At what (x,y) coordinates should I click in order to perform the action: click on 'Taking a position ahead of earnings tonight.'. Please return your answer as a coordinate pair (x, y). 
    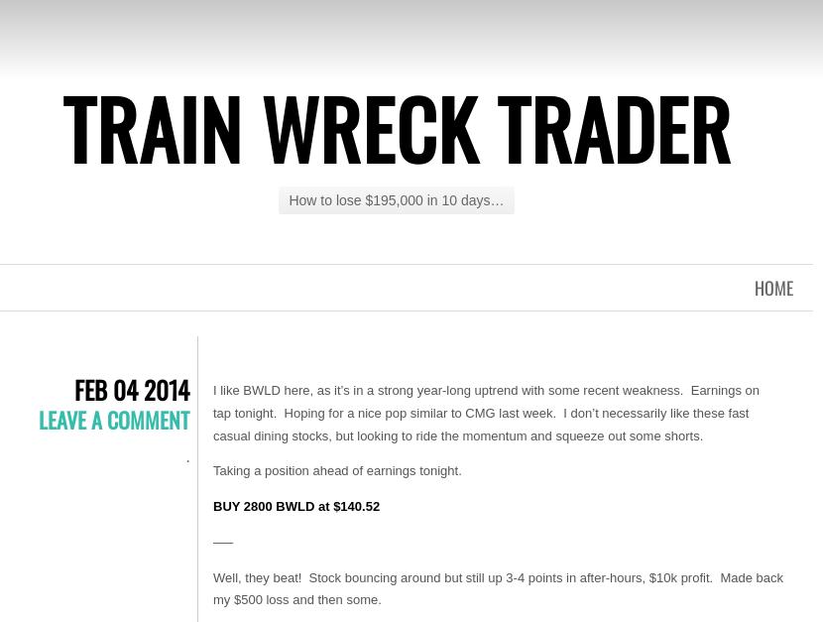
    Looking at the image, I should click on (336, 469).